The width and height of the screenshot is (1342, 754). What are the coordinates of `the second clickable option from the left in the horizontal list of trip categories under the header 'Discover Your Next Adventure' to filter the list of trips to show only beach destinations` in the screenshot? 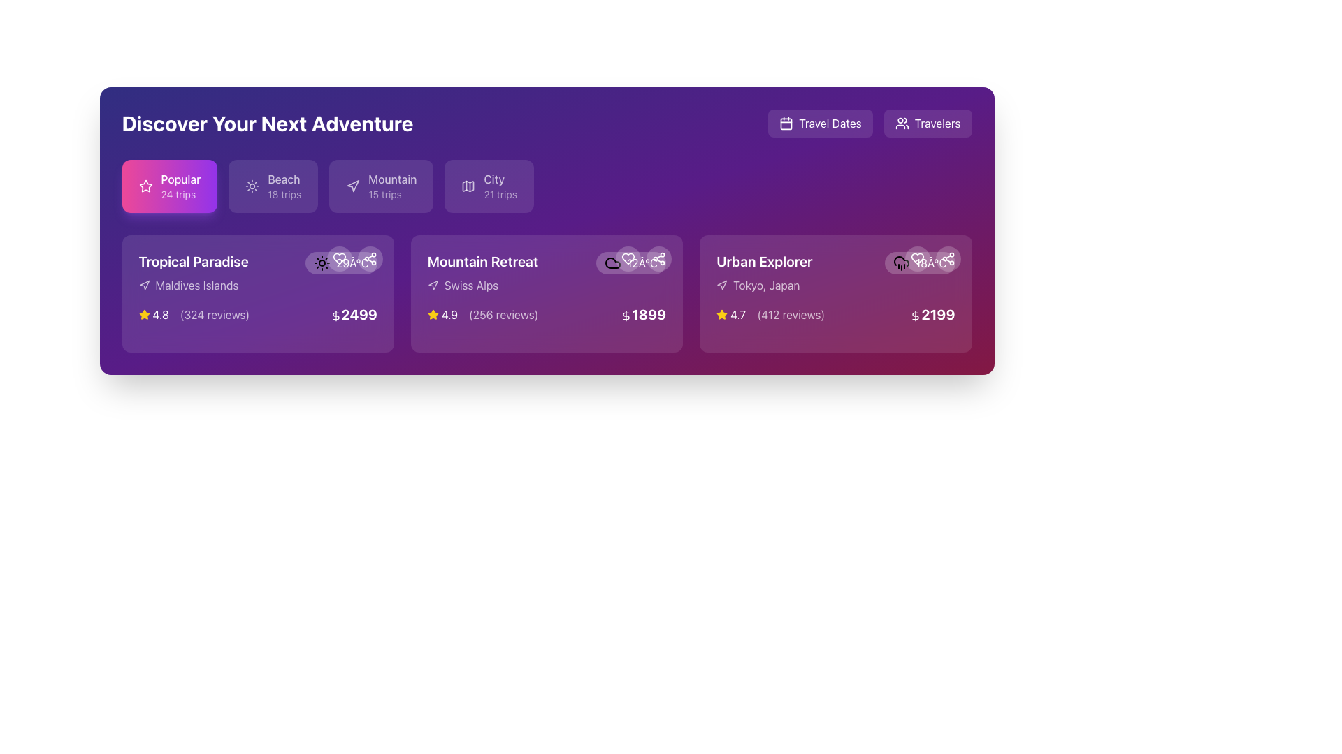 It's located at (273, 185).